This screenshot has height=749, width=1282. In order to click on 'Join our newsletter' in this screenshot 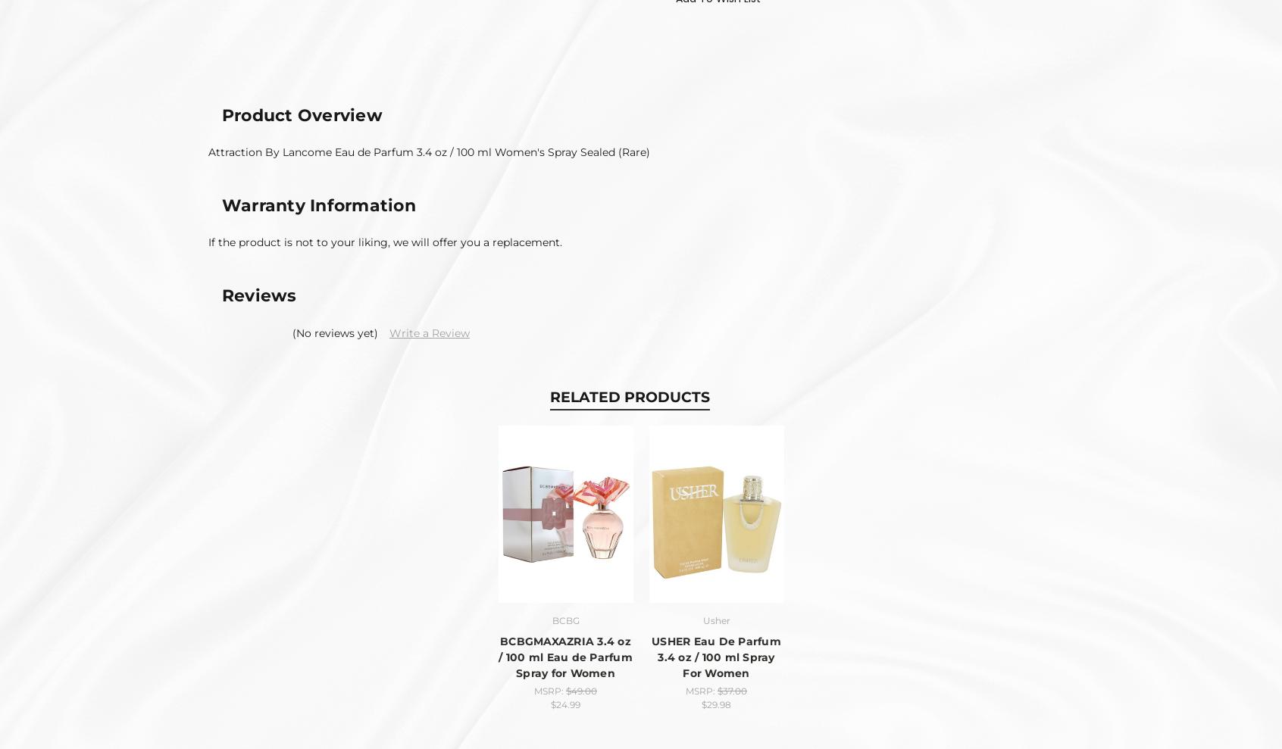, I will do `click(321, 312)`.